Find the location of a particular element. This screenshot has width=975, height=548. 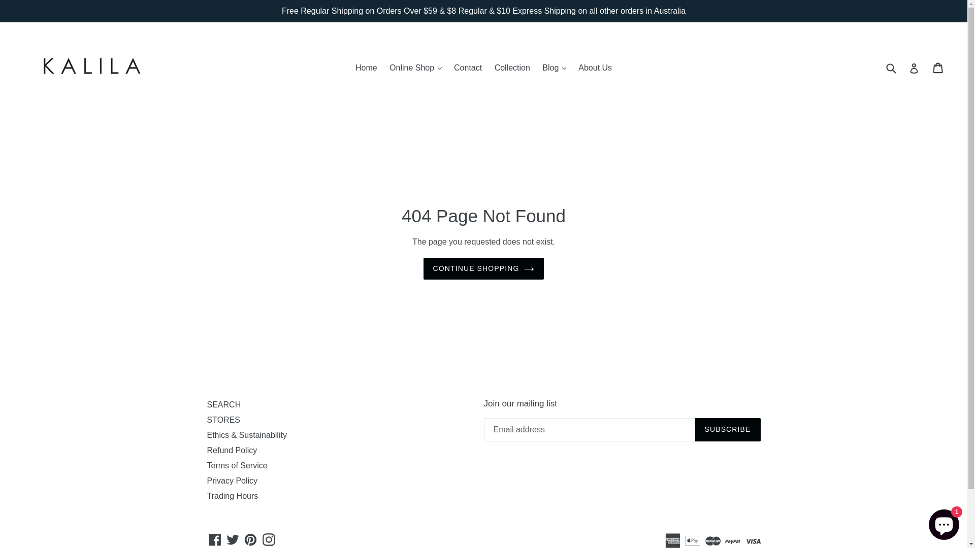

'Pinterest' is located at coordinates (250, 539).